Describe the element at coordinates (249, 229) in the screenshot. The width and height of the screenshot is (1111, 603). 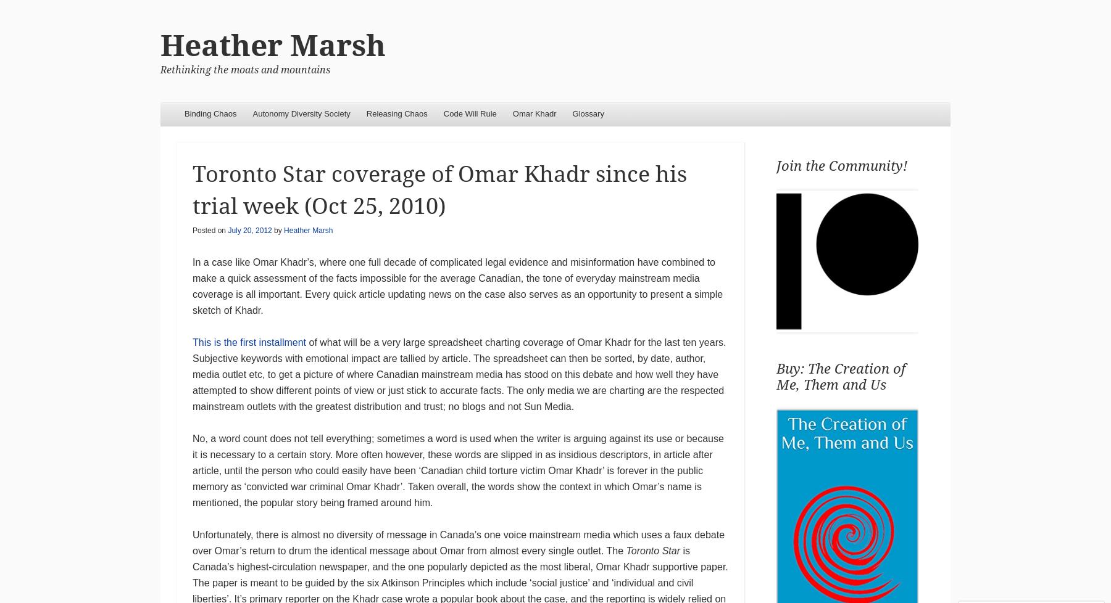
I see `'July 20, 2012'` at that location.